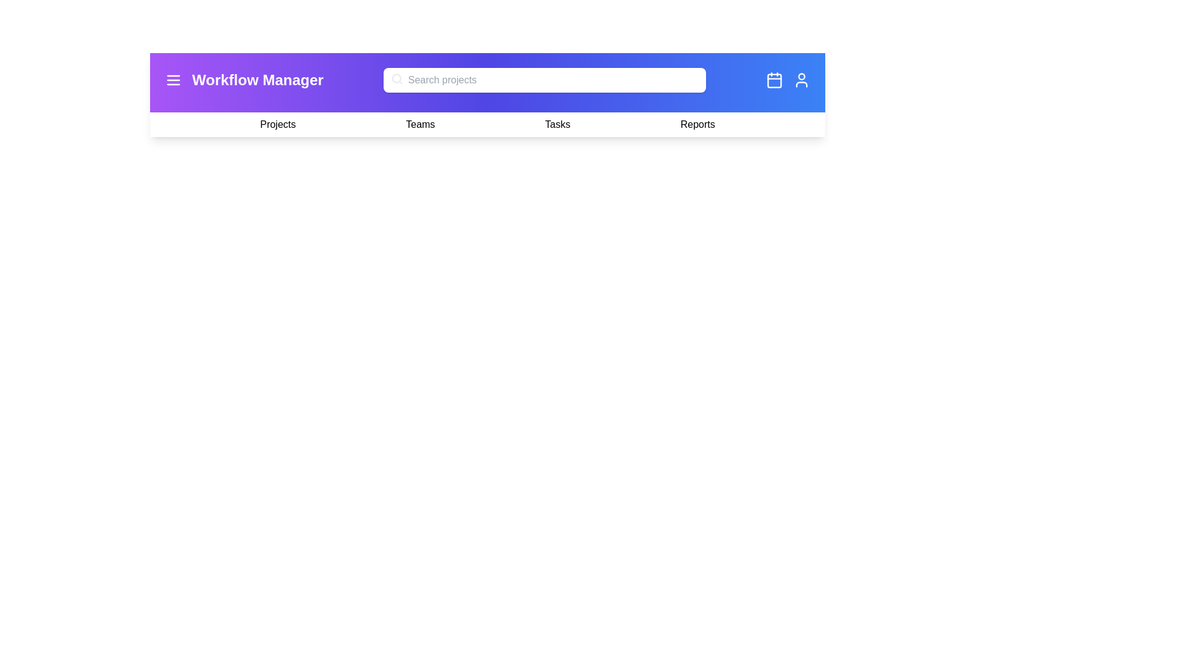 The height and width of the screenshot is (667, 1186). I want to click on the user icon to access the user profile, so click(801, 80).